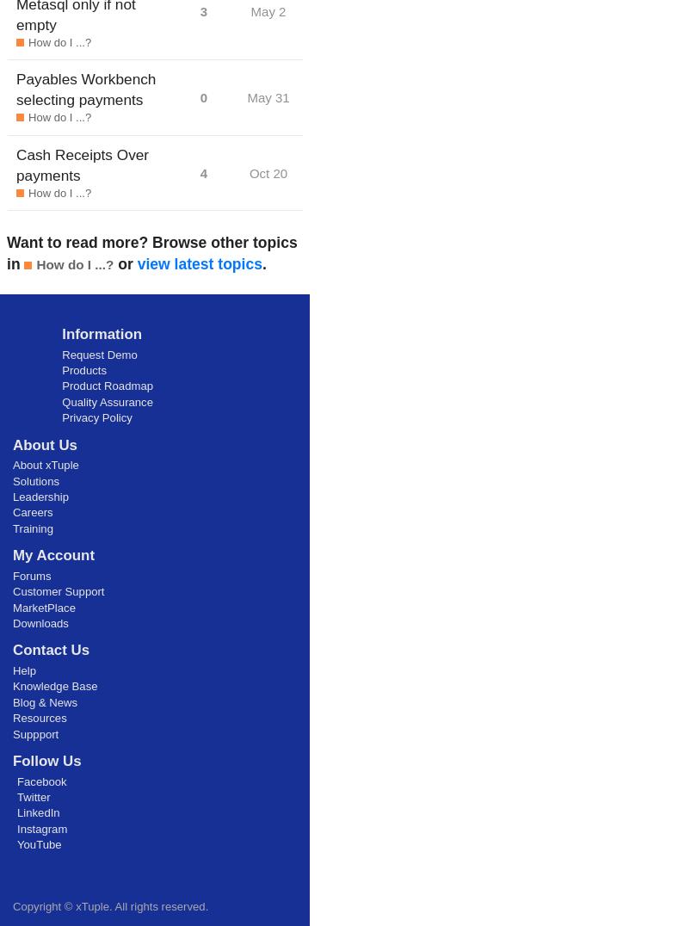 This screenshot has height=926, width=697. I want to click on 'Twitter', so click(17, 795).